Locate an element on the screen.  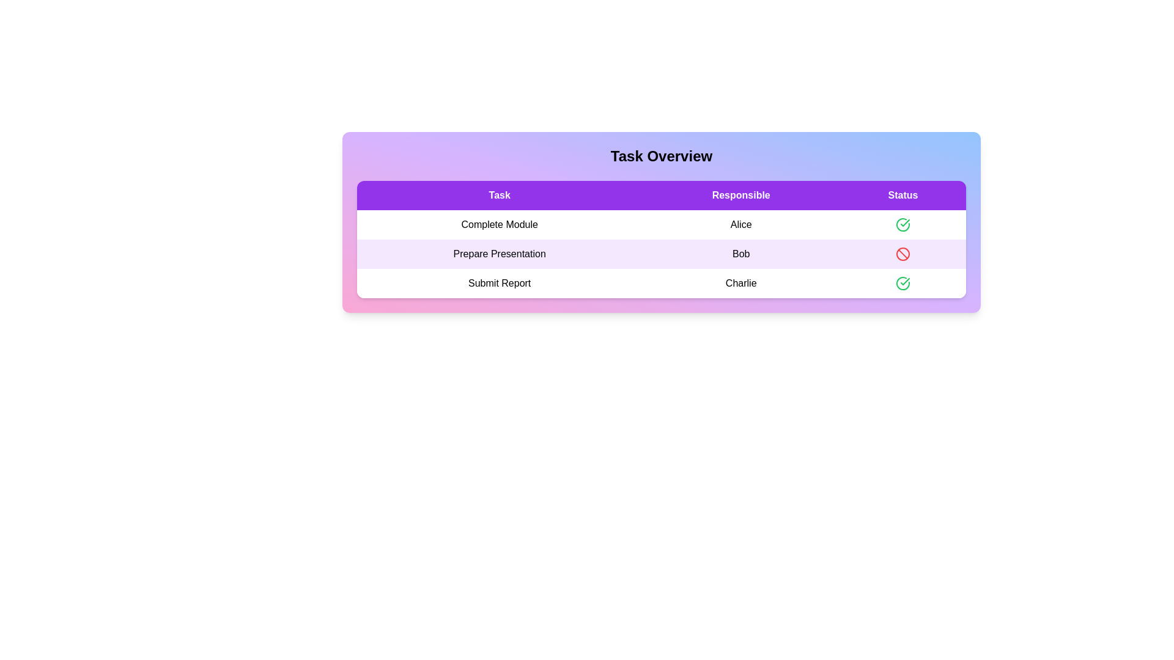
the negative status icon located in the 'Status' column of the second row under the 'Prepare Presentation' task, indicating that the task is not allowed or has failed is located at coordinates (903, 254).